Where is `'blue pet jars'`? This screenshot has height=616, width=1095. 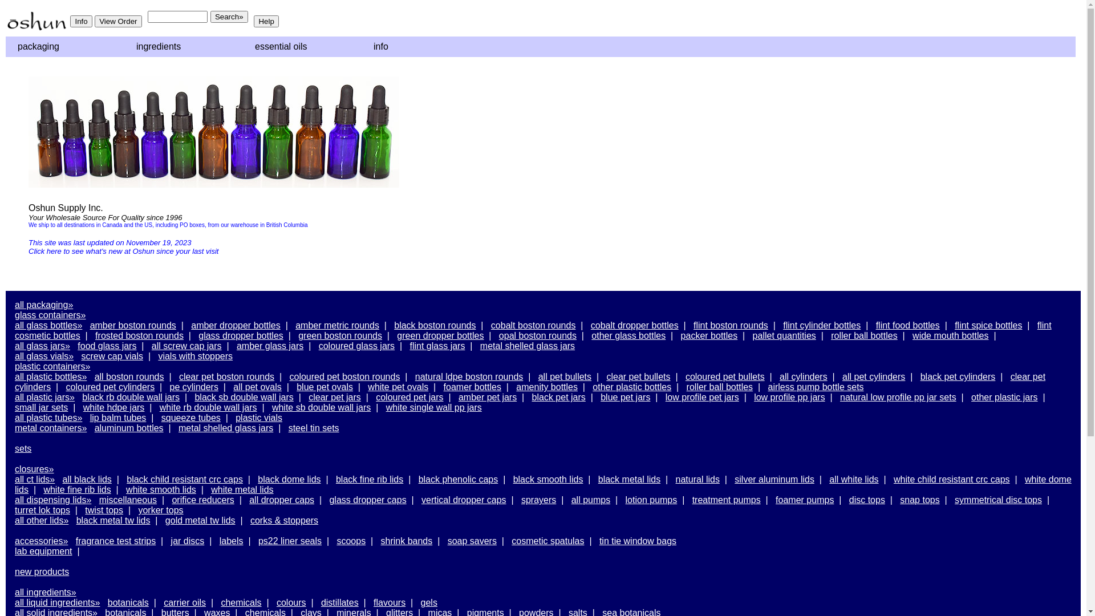 'blue pet jars' is located at coordinates (624, 396).